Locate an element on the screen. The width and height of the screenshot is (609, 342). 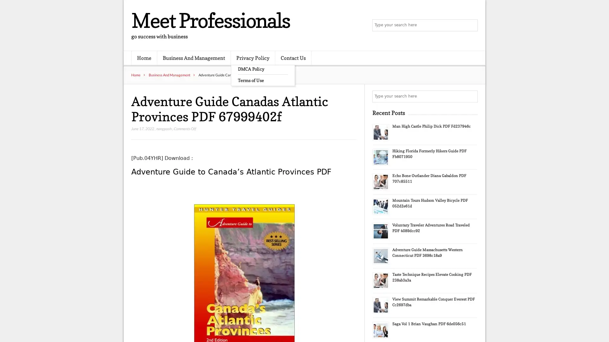
Search is located at coordinates (471, 25).